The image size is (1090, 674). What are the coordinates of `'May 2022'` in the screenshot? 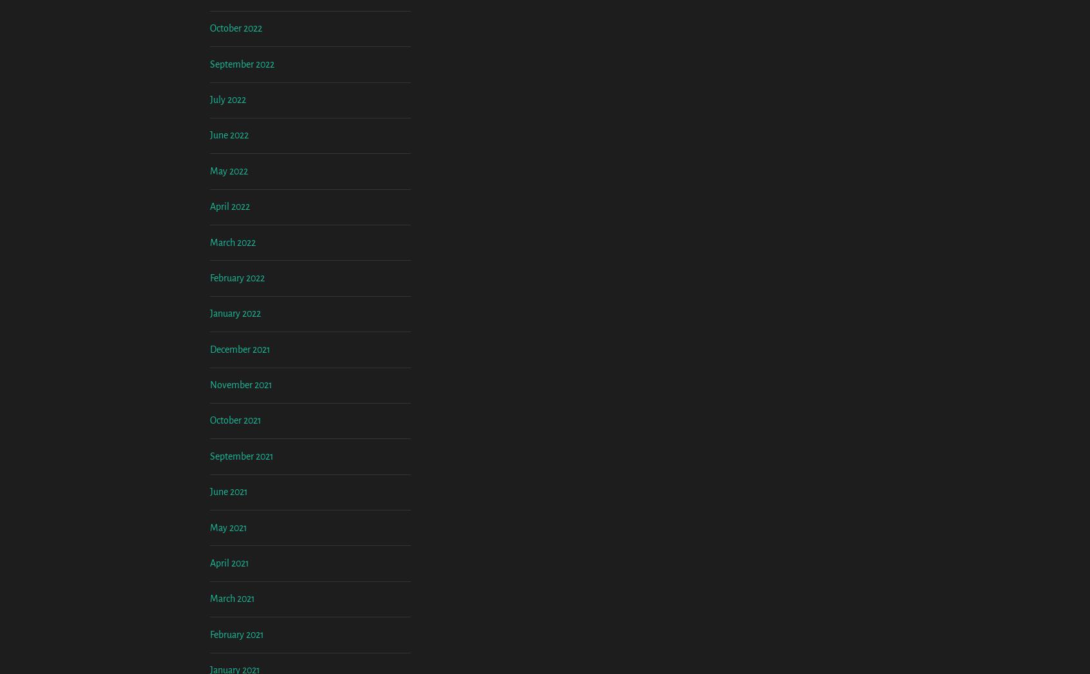 It's located at (229, 277).